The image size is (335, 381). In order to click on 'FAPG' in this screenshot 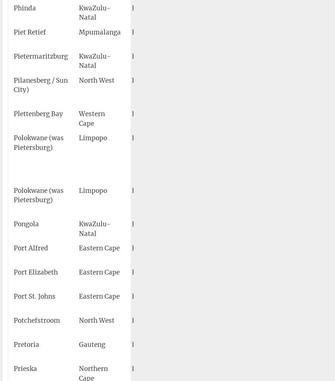, I will do `click(140, 113)`.